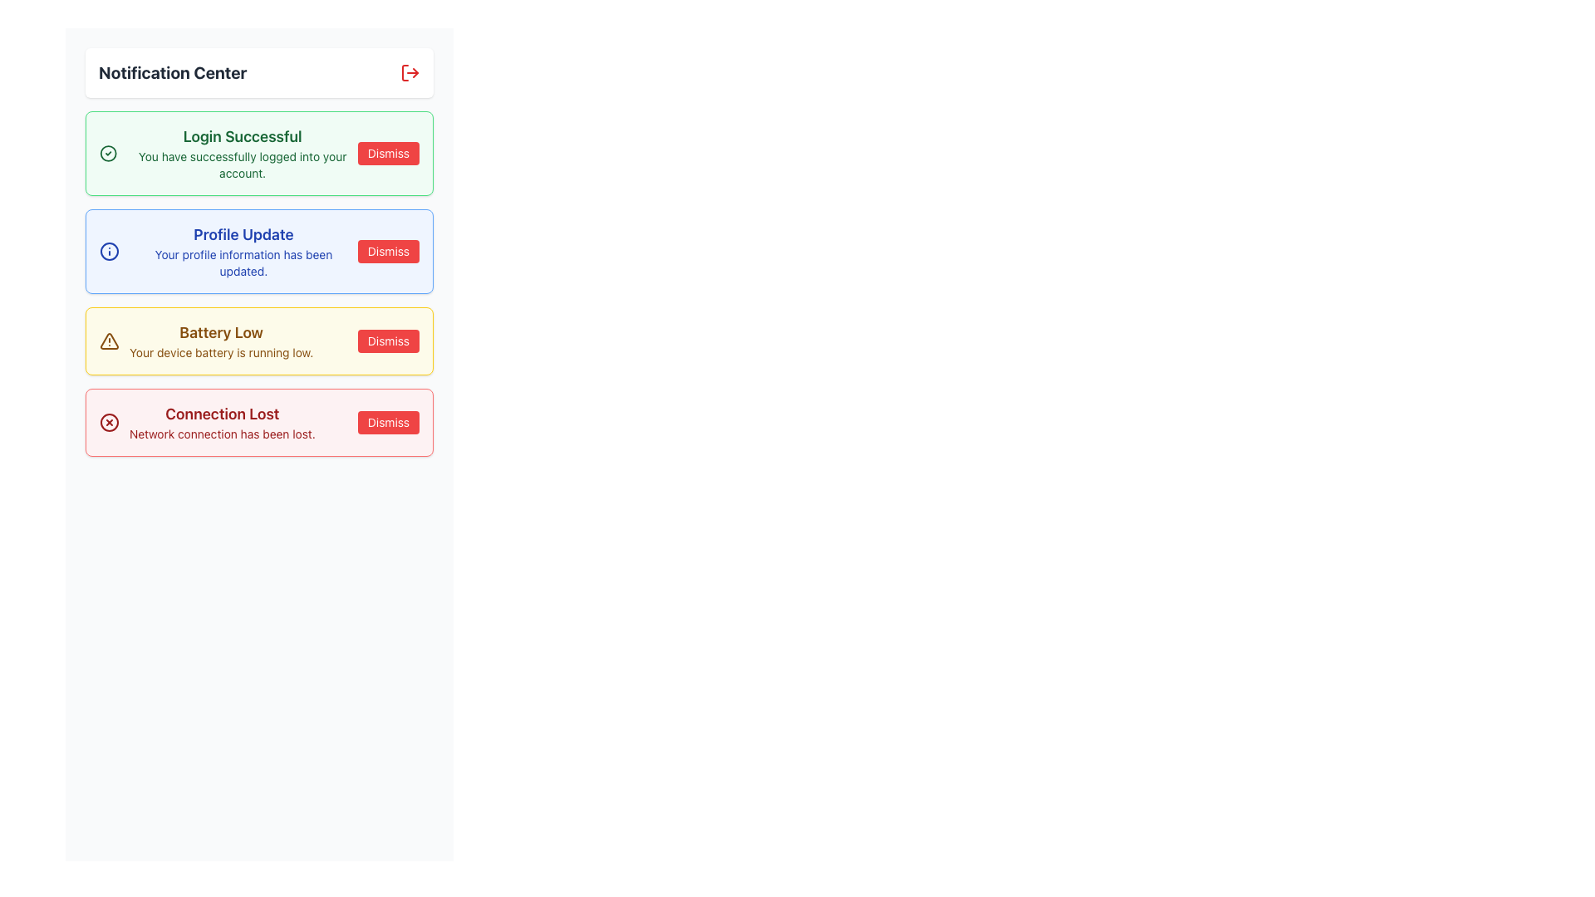 The height and width of the screenshot is (897, 1595). Describe the element at coordinates (387, 154) in the screenshot. I see `the rectangular red 'Dismiss' button with white text` at that location.